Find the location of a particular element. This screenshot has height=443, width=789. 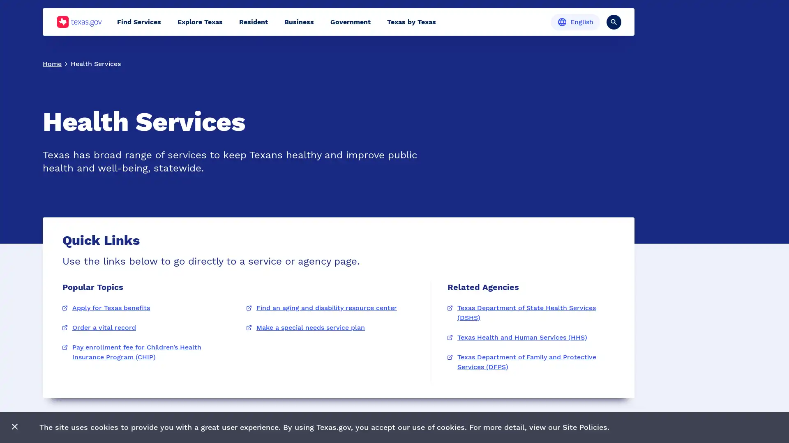

Find Services is located at coordinates (139, 21).